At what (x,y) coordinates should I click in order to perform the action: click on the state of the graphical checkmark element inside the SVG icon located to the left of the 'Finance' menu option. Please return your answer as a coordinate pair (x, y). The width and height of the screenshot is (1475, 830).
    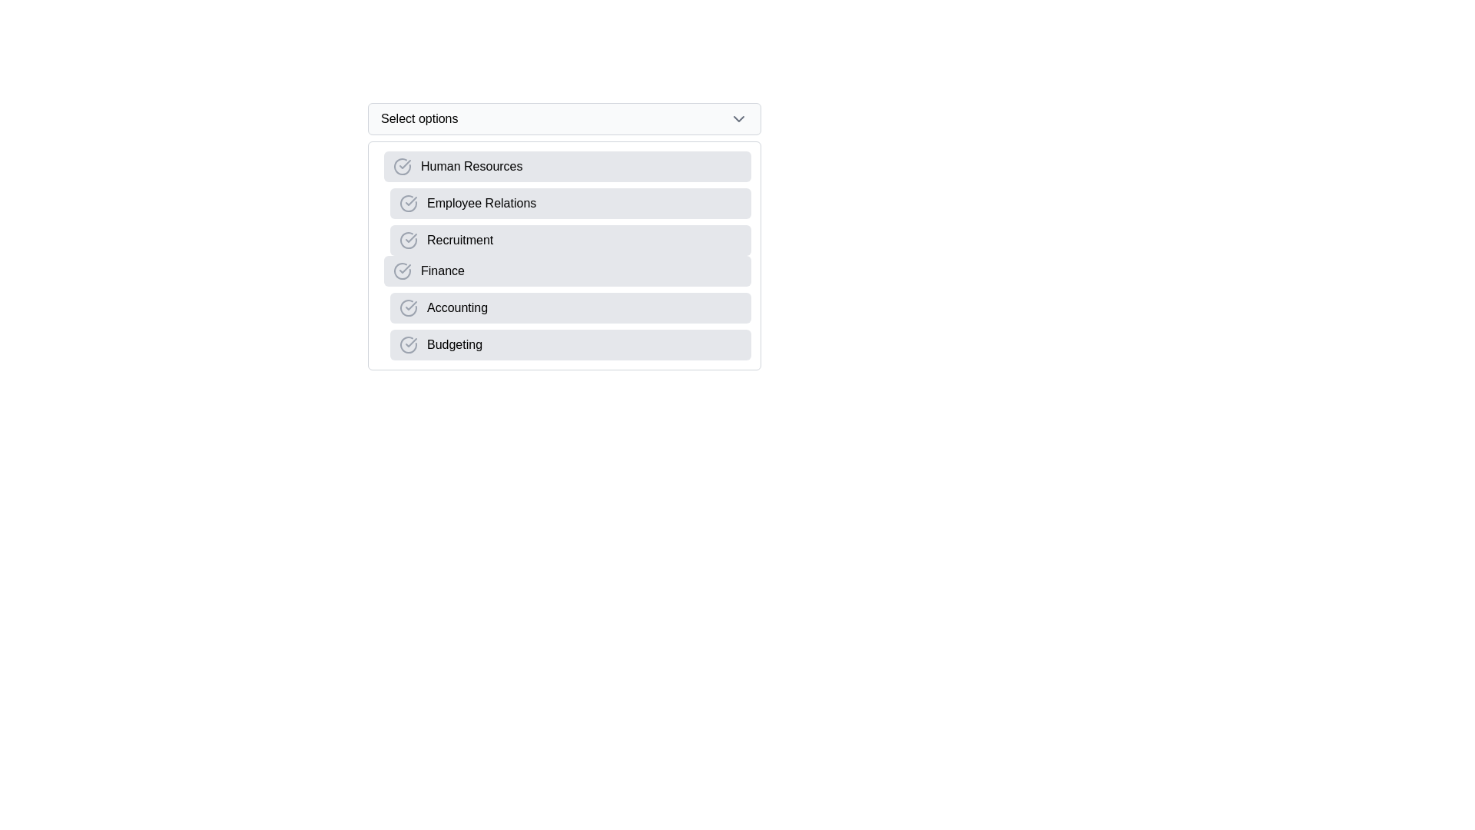
    Looking at the image, I should click on (405, 268).